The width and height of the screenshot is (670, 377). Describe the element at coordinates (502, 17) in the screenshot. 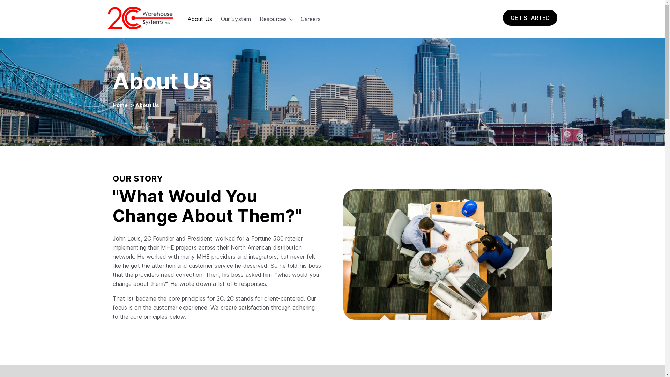

I see `'GET STARTED'` at that location.